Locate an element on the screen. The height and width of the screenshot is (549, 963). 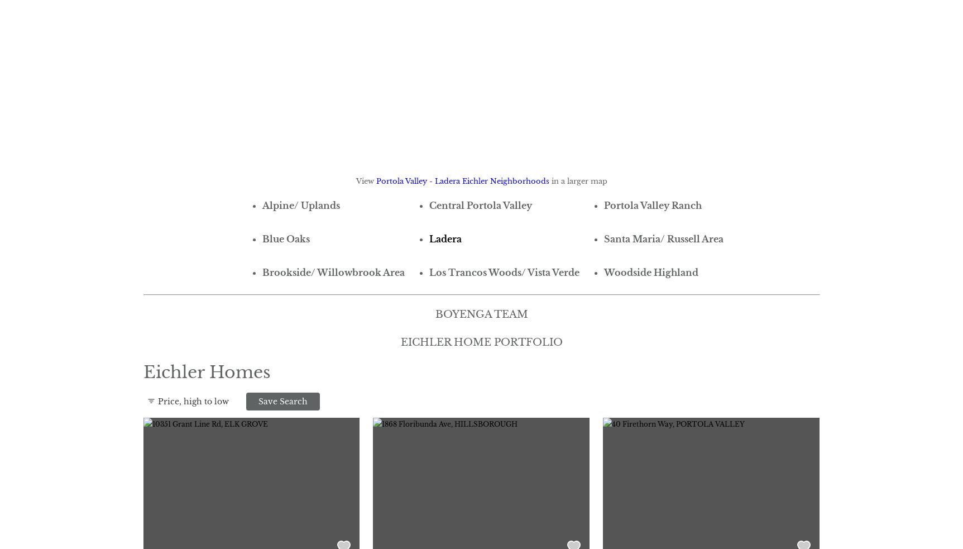
'Portola Valley Ranch' is located at coordinates (652, 204).